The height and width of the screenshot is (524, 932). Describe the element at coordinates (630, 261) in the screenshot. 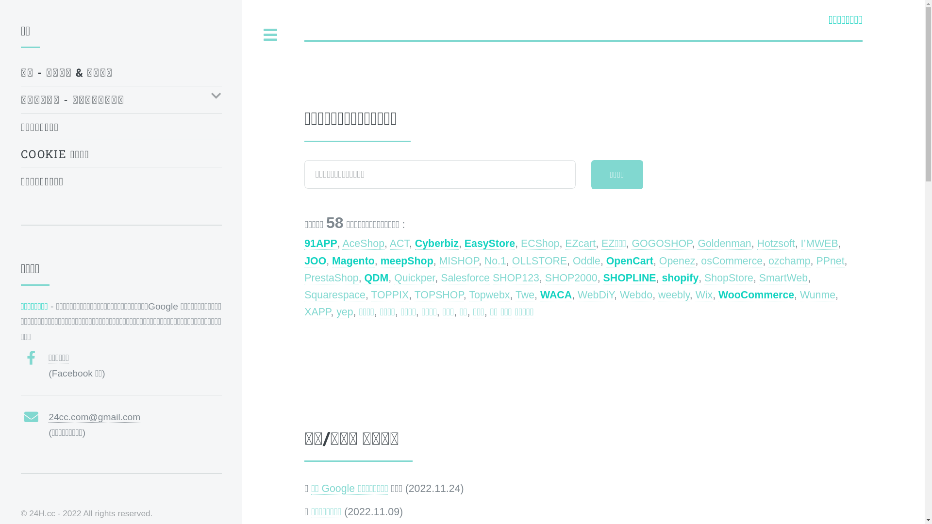

I see `'OpenCart'` at that location.